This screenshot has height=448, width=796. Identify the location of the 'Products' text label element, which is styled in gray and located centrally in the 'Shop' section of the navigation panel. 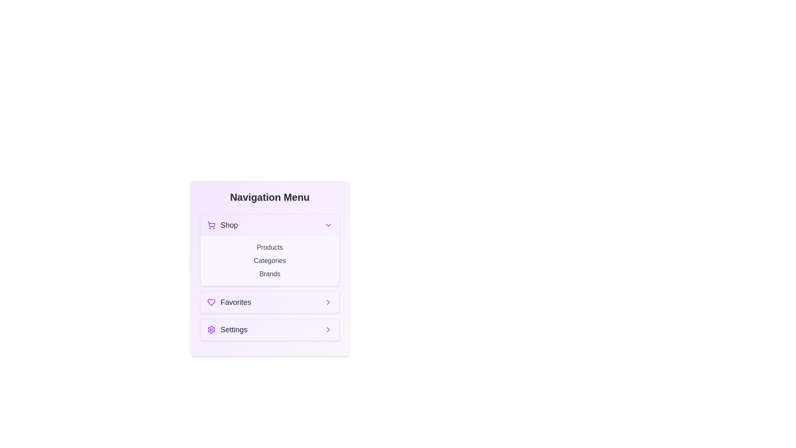
(270, 247).